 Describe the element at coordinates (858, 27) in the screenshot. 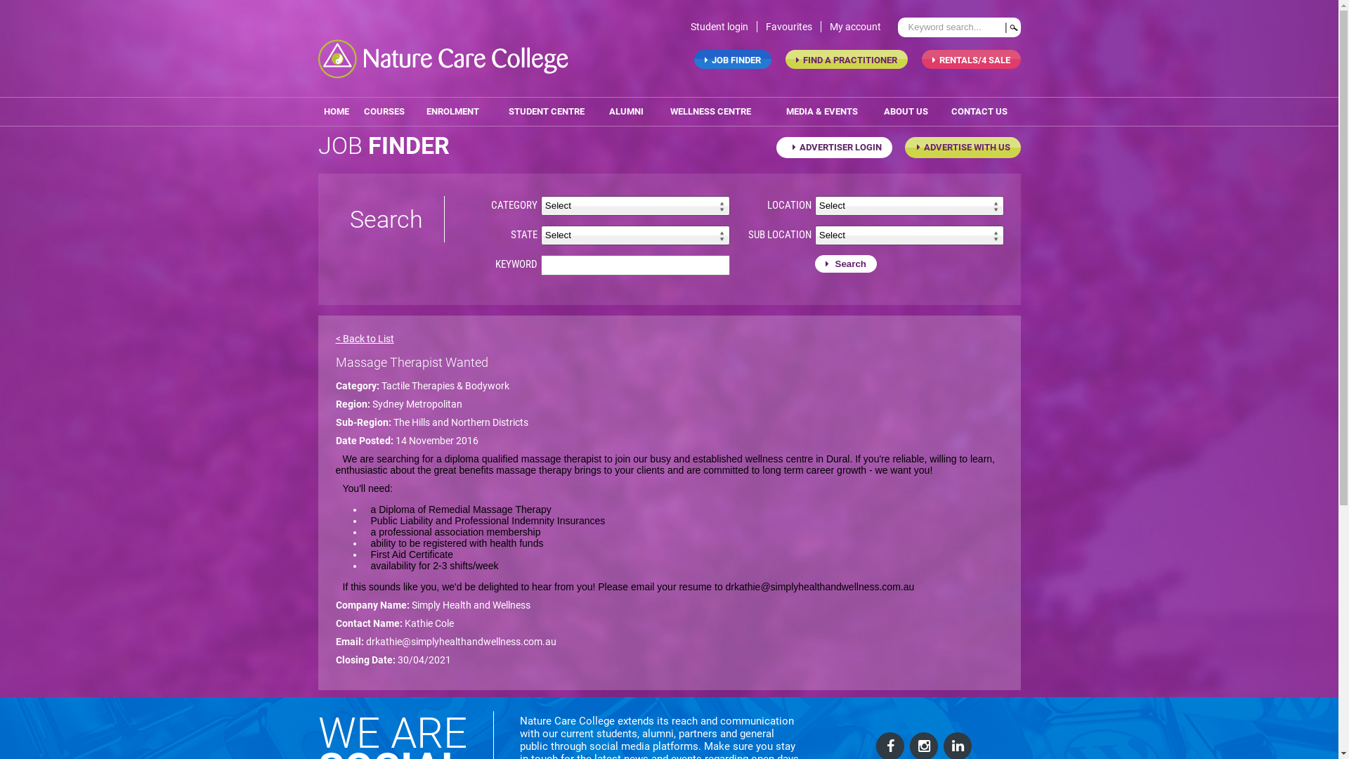

I see `'My account'` at that location.